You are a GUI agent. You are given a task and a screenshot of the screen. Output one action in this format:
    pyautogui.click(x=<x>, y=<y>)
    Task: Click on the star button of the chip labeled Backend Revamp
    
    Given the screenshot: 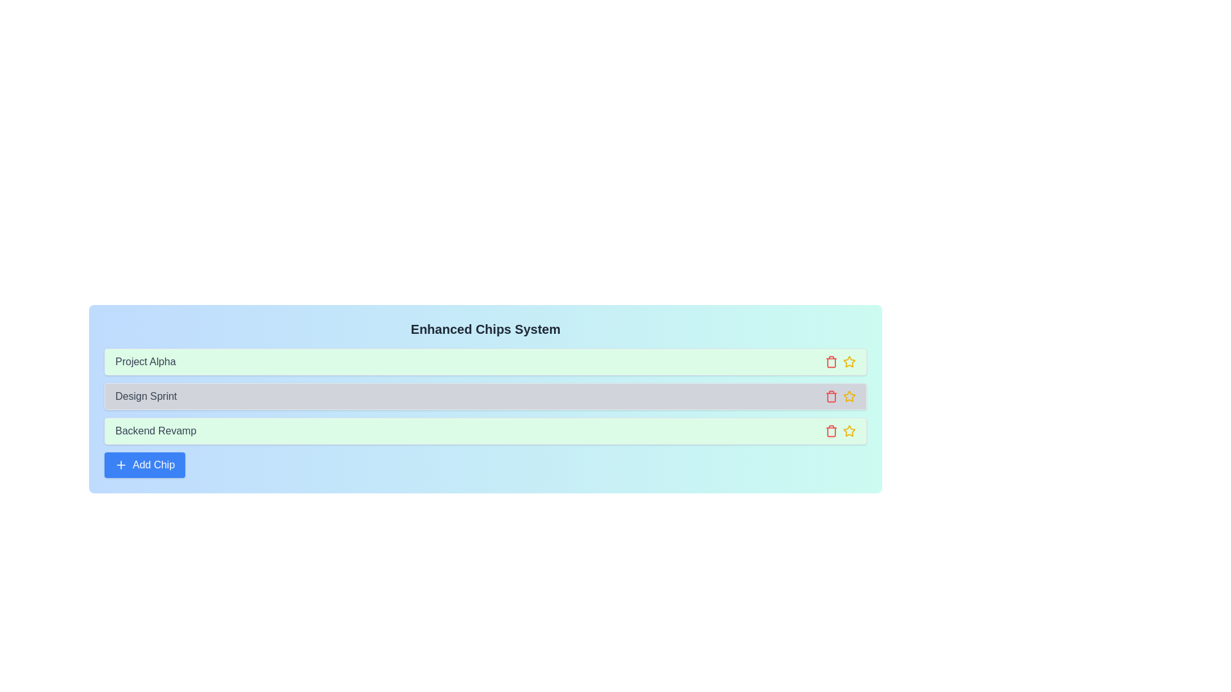 What is the action you would take?
    pyautogui.click(x=849, y=431)
    